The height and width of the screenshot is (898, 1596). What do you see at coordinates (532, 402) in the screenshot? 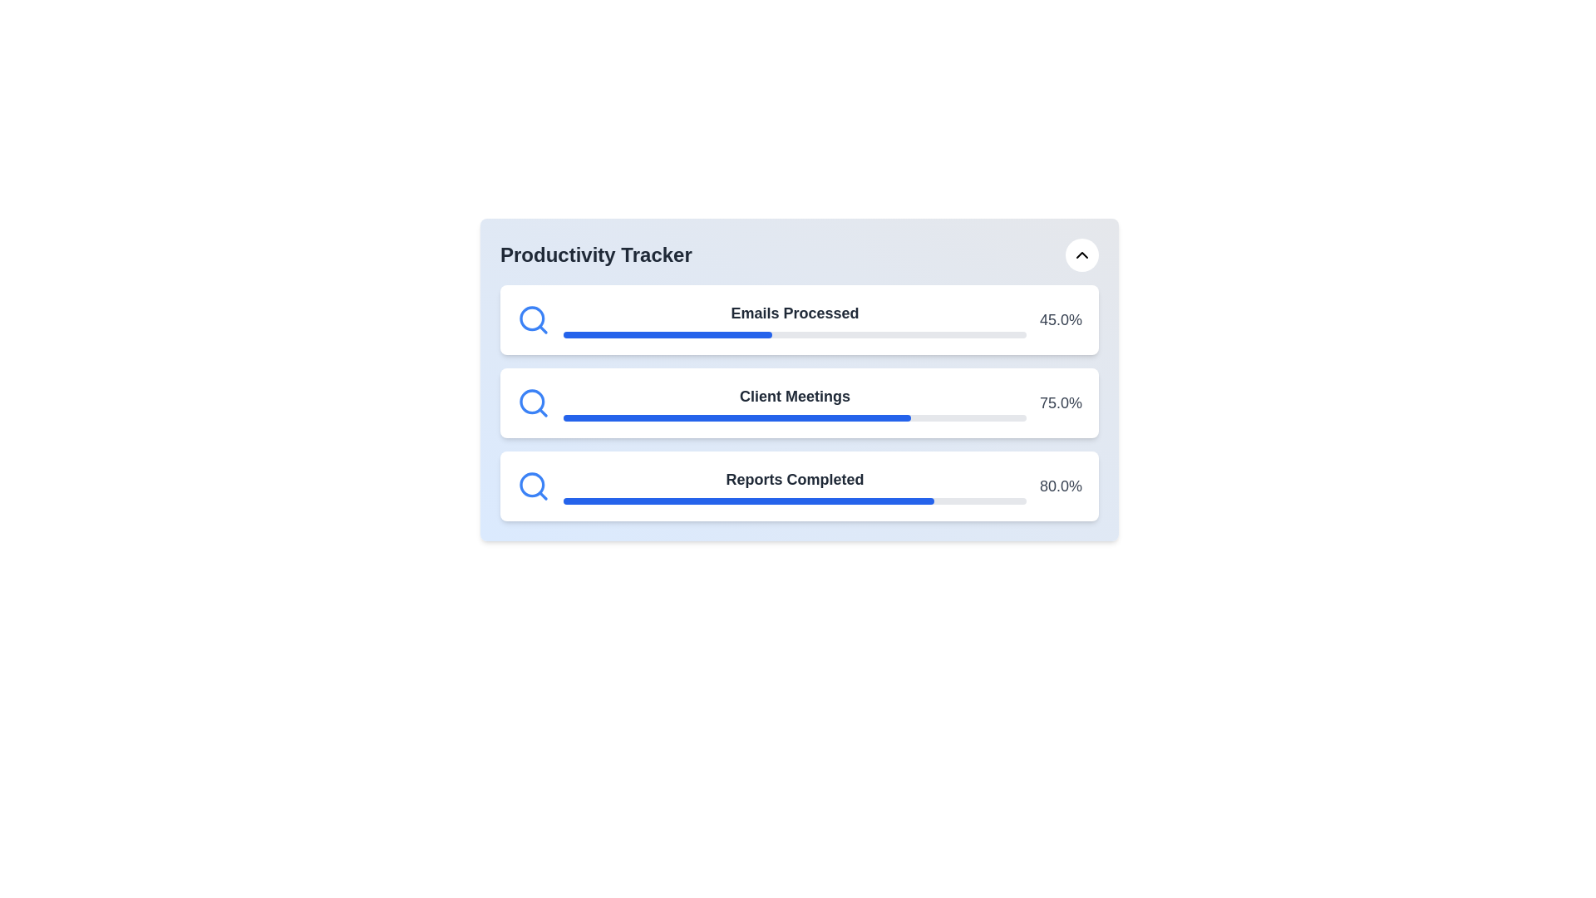
I see `the circular shape representing the lens of the magnifying-glass icon associated with 'Client Meetings', the second entry in the productivity tracker panel` at bounding box center [532, 402].